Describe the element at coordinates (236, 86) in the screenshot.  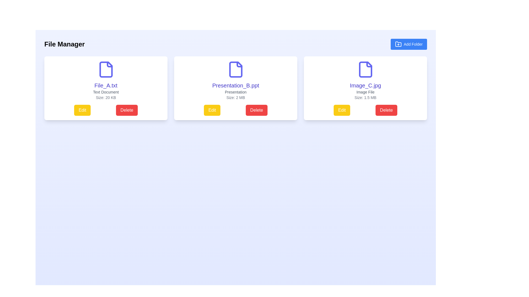
I see `the text label displaying the file title 'Presentation_B.ppt'` at that location.